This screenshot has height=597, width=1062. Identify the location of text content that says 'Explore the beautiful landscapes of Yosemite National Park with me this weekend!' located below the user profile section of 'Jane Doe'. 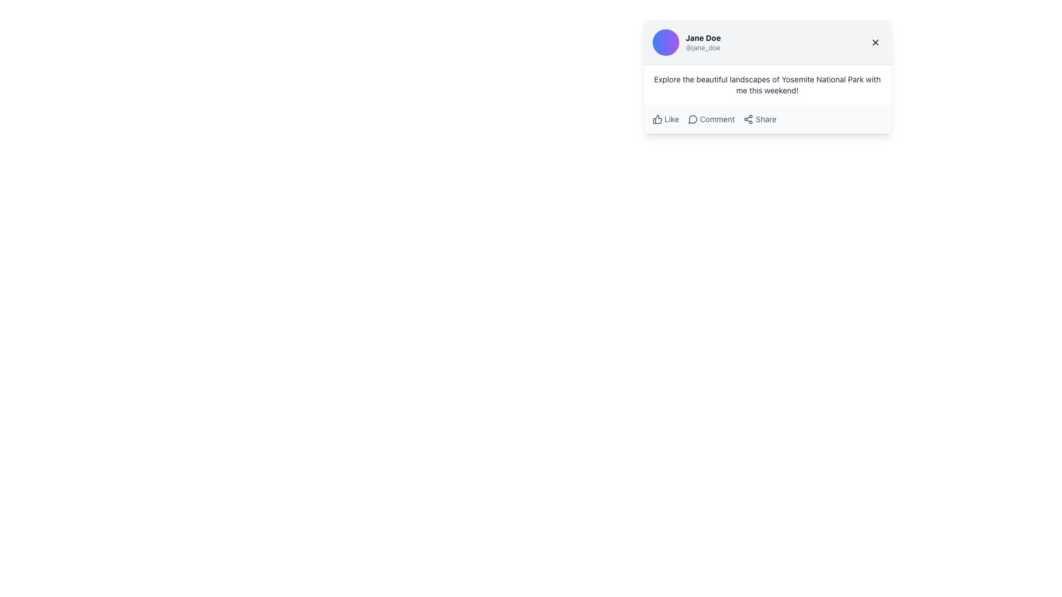
(767, 85).